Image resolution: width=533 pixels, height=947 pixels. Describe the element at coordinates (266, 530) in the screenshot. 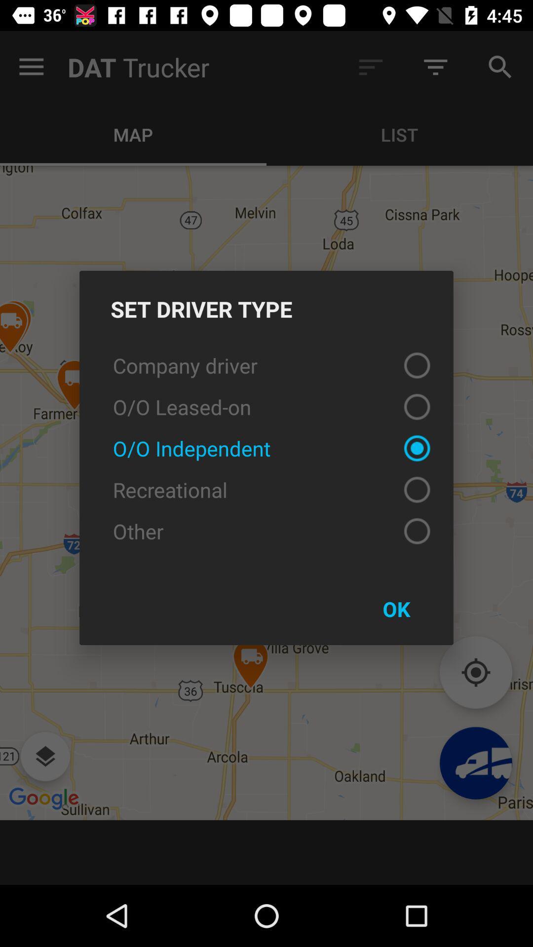

I see `the other item` at that location.